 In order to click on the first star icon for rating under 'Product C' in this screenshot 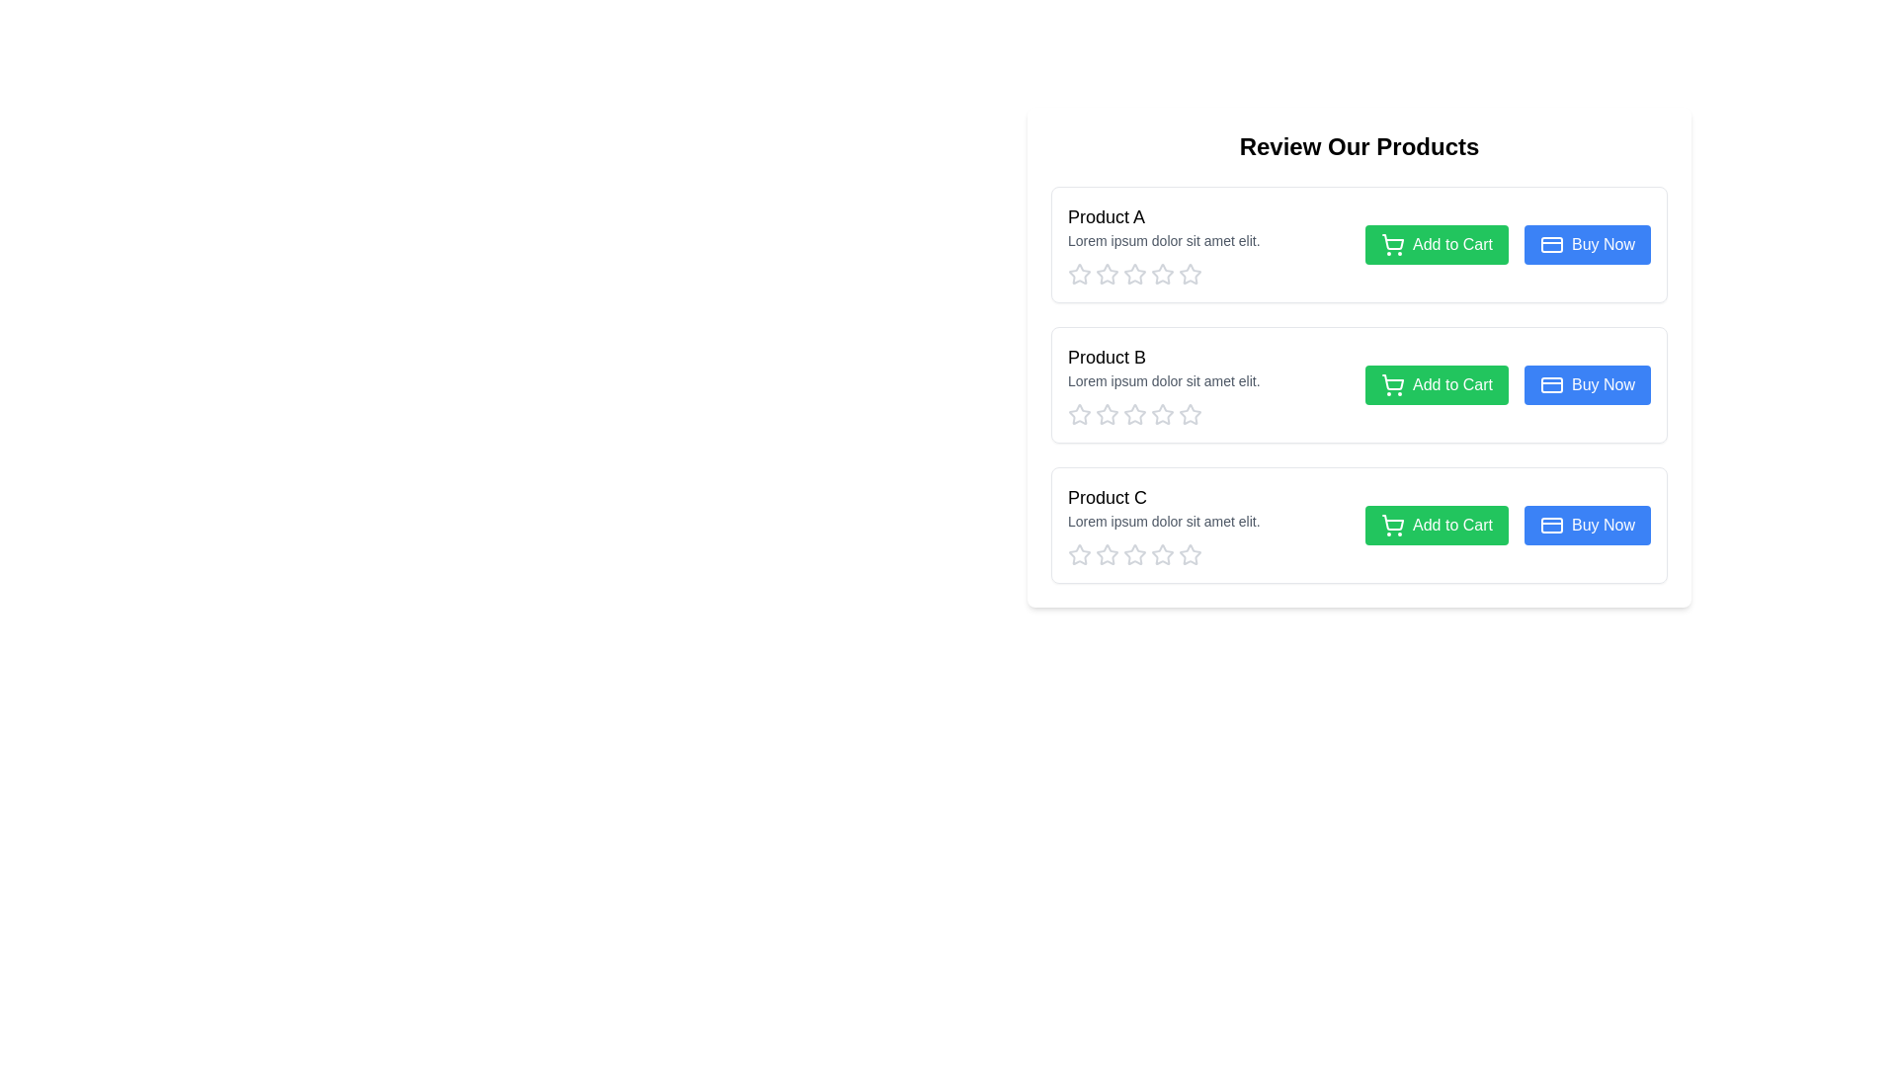, I will do `click(1134, 554)`.